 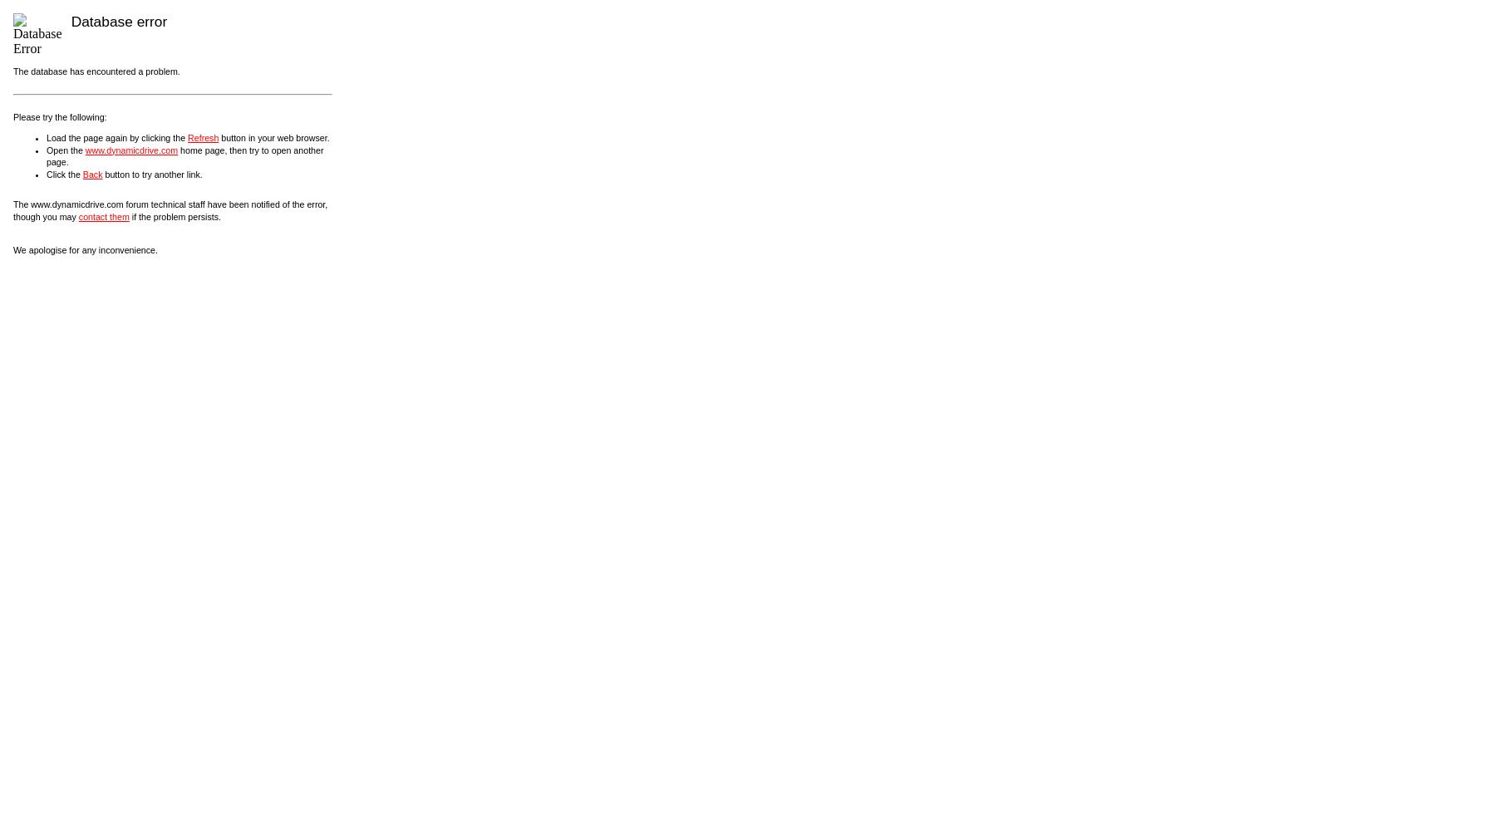 What do you see at coordinates (12, 250) in the screenshot?
I see `'We apologise for any inconvenience.'` at bounding box center [12, 250].